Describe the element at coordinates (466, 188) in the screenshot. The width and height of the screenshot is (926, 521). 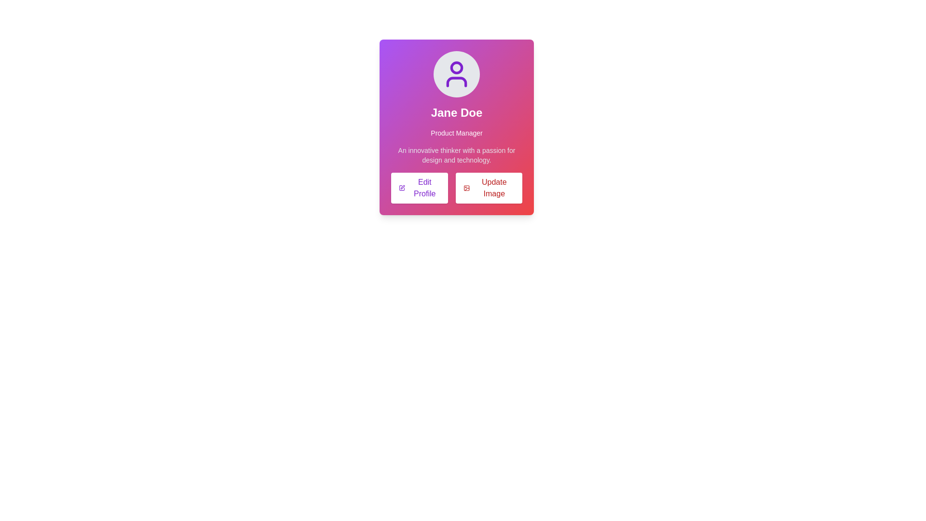
I see `the solid rectangle UI component that serves as a background for other graphic elements, located above the 'Update Image' button and to the right of the 'Edit Profile' button` at that location.